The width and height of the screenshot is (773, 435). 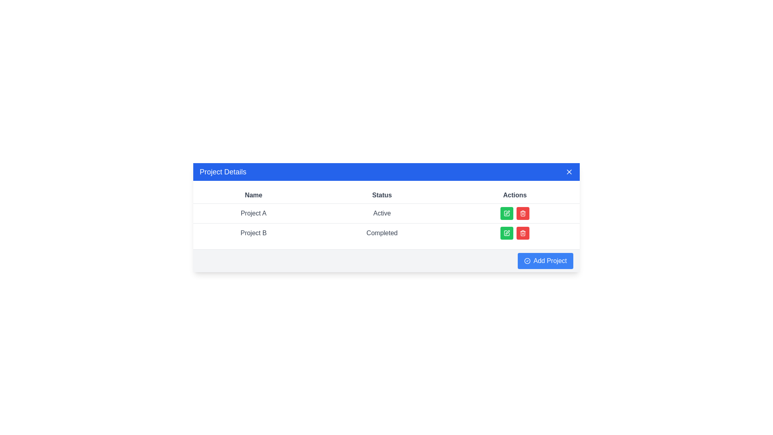 I want to click on the combined edit and delete buttons in the 'Actions' column of the first row of the table corresponding to 'Project A' and 'Active', so click(x=515, y=213).